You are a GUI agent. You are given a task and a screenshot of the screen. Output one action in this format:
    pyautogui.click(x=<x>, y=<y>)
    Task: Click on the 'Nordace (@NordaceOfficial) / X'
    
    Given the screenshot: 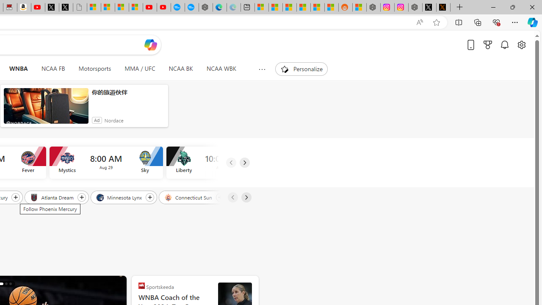 What is the action you would take?
    pyautogui.click(x=429, y=7)
    